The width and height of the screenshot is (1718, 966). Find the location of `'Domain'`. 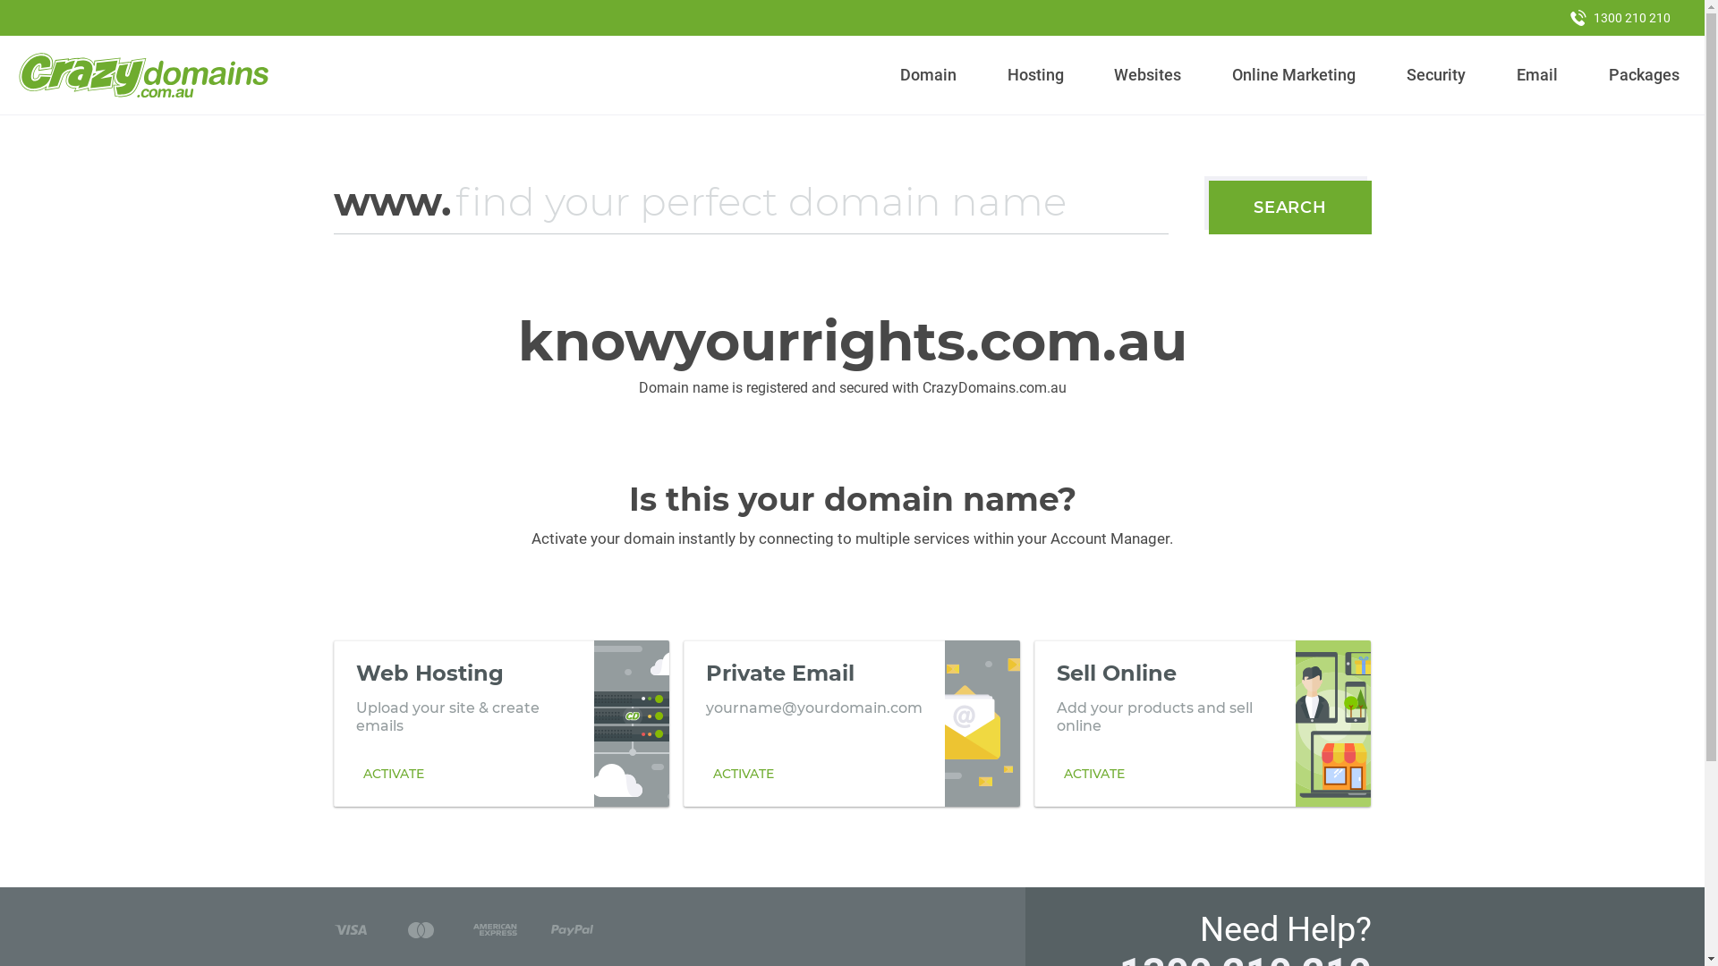

'Domain' is located at coordinates (928, 74).